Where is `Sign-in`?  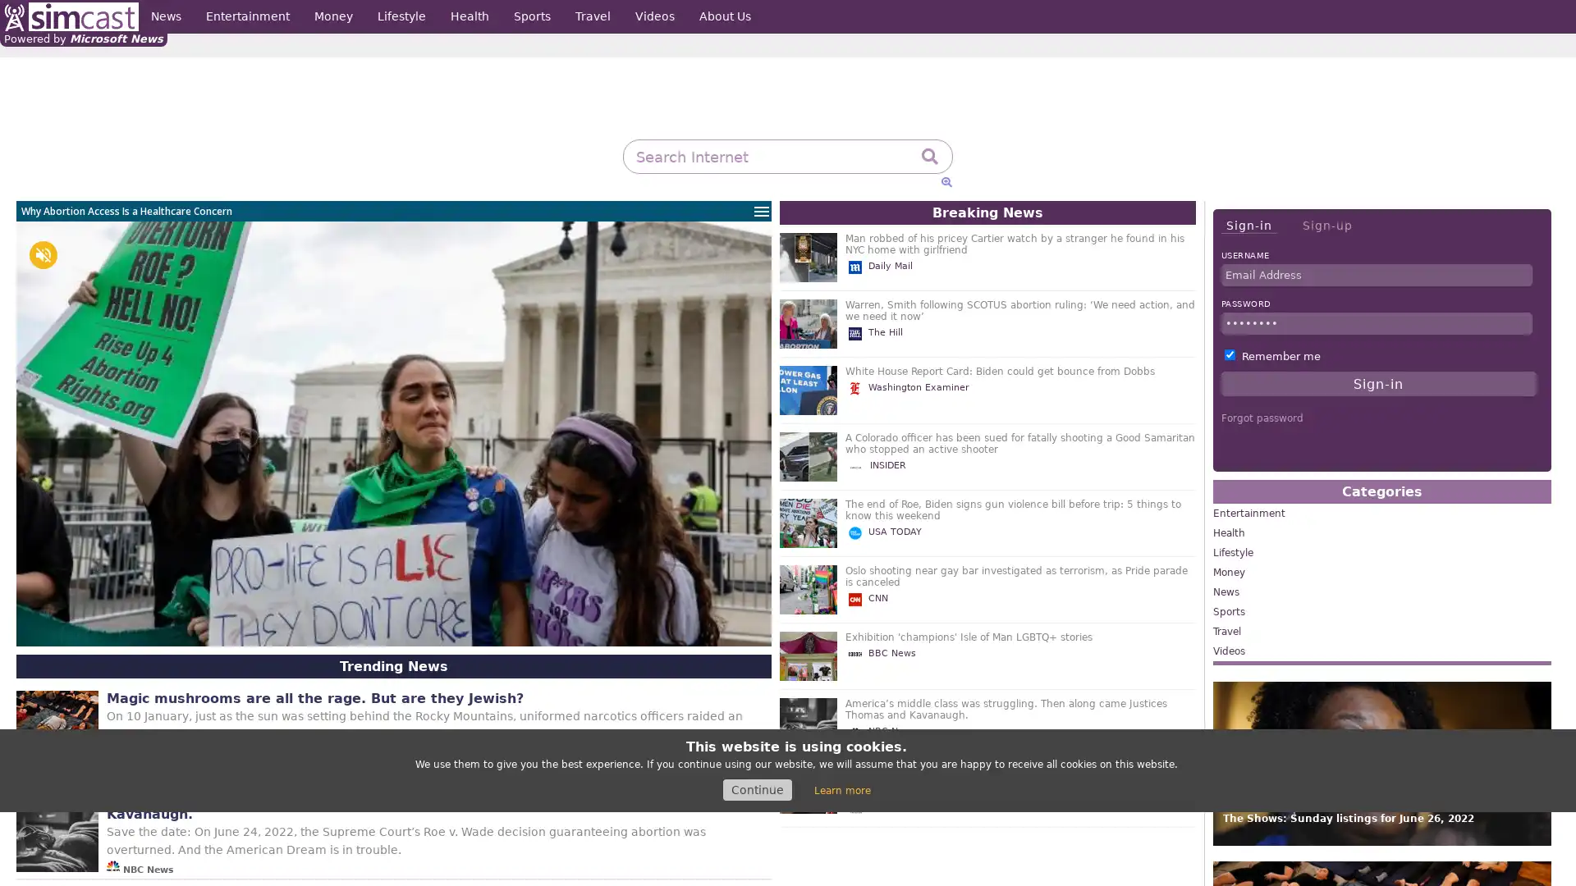 Sign-in is located at coordinates (1378, 383).